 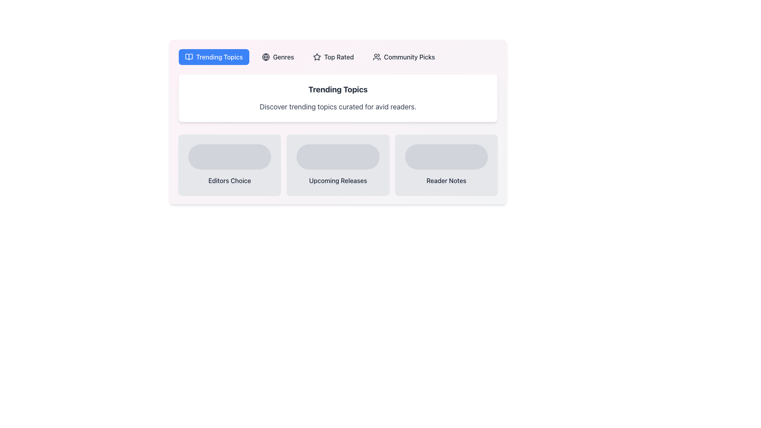 What do you see at coordinates (283, 56) in the screenshot?
I see `the 'Genres' navigation link located in the horizontal navigation bar, which is styled in a medium-weight font and positioned to the right of a globe icon` at bounding box center [283, 56].